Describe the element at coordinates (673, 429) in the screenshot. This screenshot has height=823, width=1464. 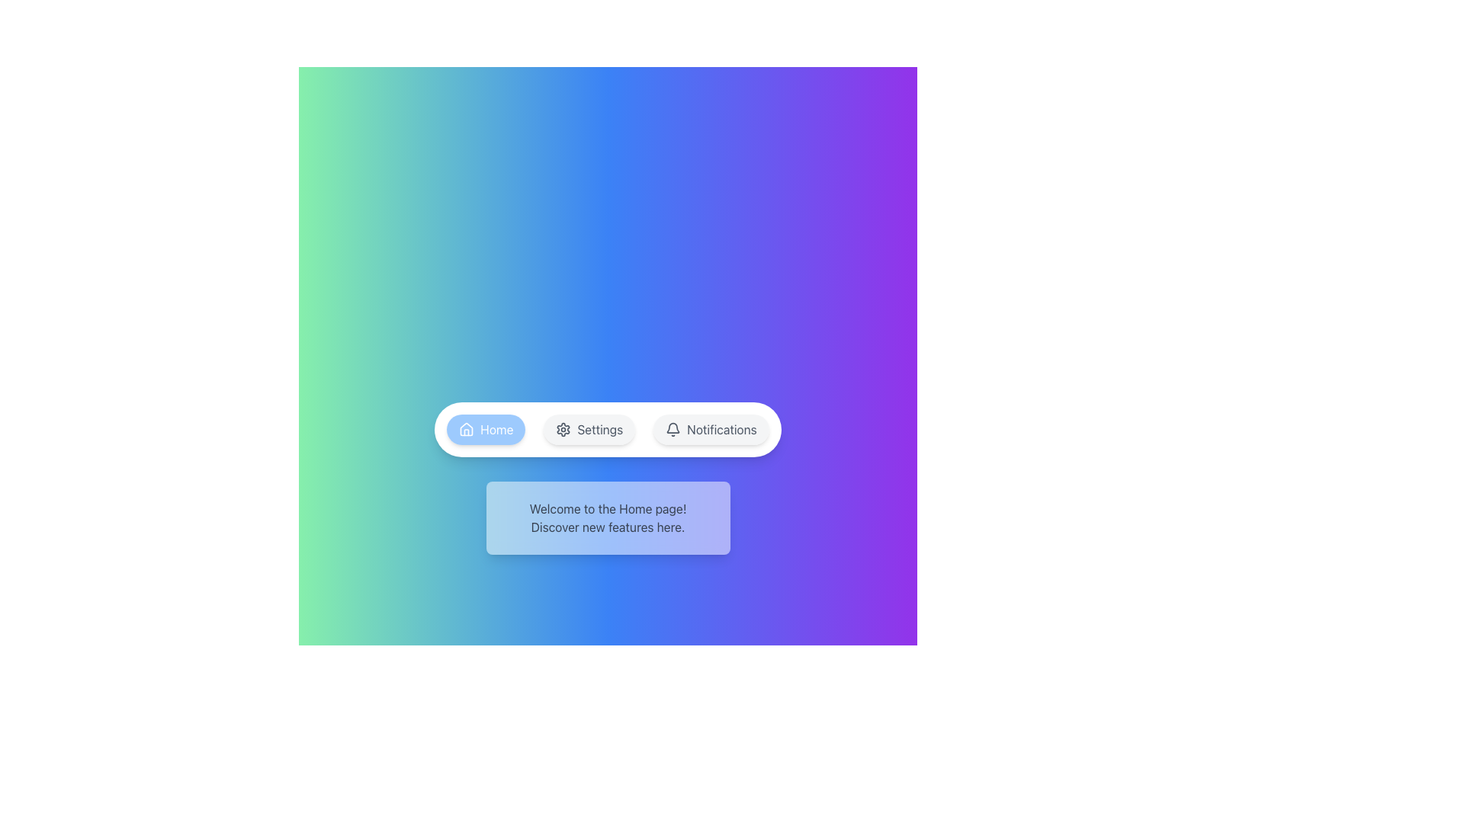
I see `the gray, bell-shaped icon outlined with a 2px stroke, located inside the 'Notifications' button on the far right of the horizontal list of buttons` at that location.